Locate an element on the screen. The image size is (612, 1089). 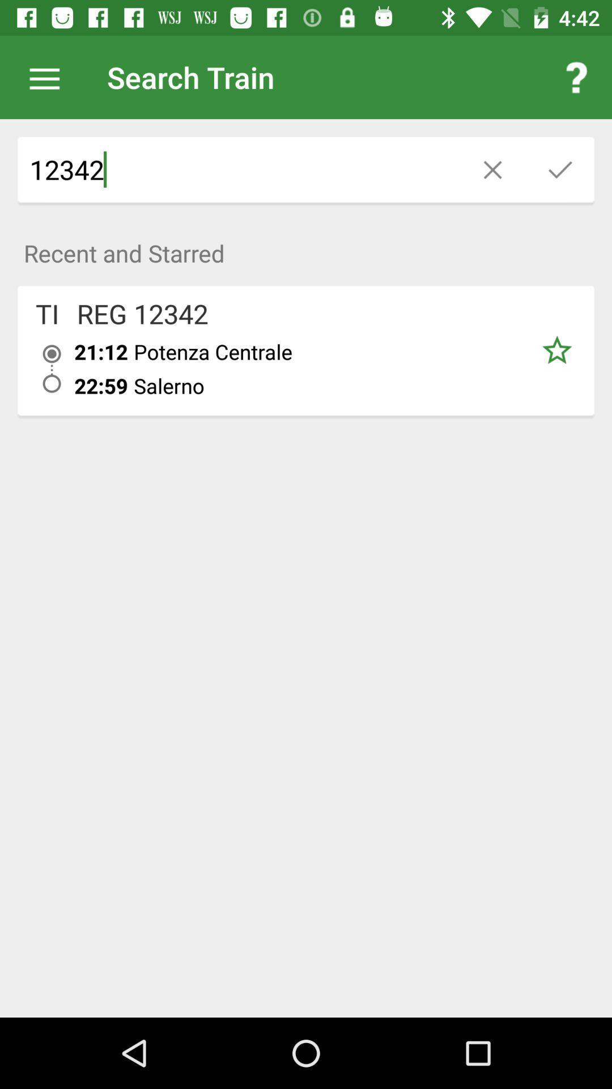
item next to the 21:12 icon is located at coordinates (52, 369).